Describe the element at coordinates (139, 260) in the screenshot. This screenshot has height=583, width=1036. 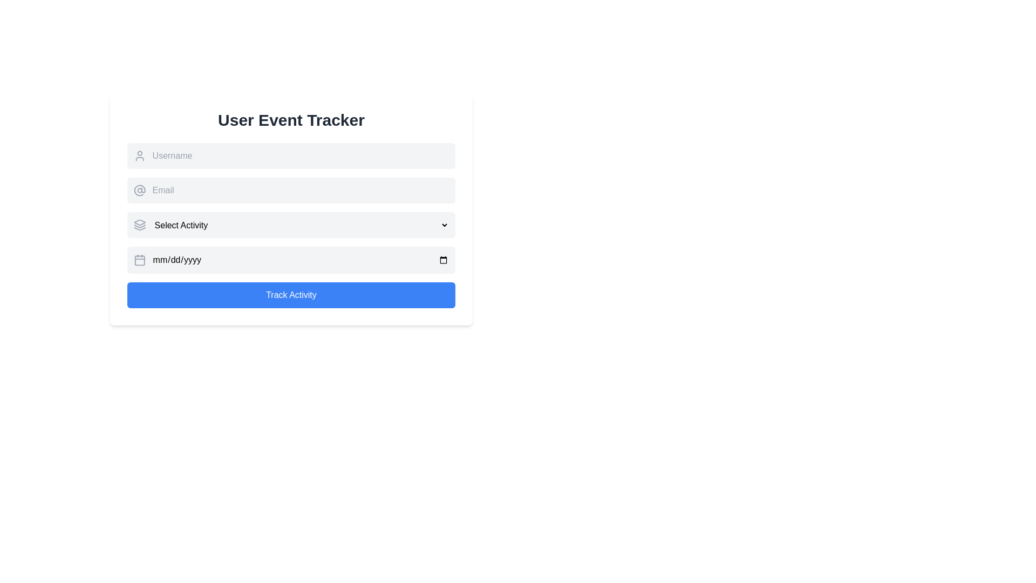
I see `the calendar icon located to the left of the 'mm/dd/yyyy' text input field in the date selection row of the vertical form layout` at that location.